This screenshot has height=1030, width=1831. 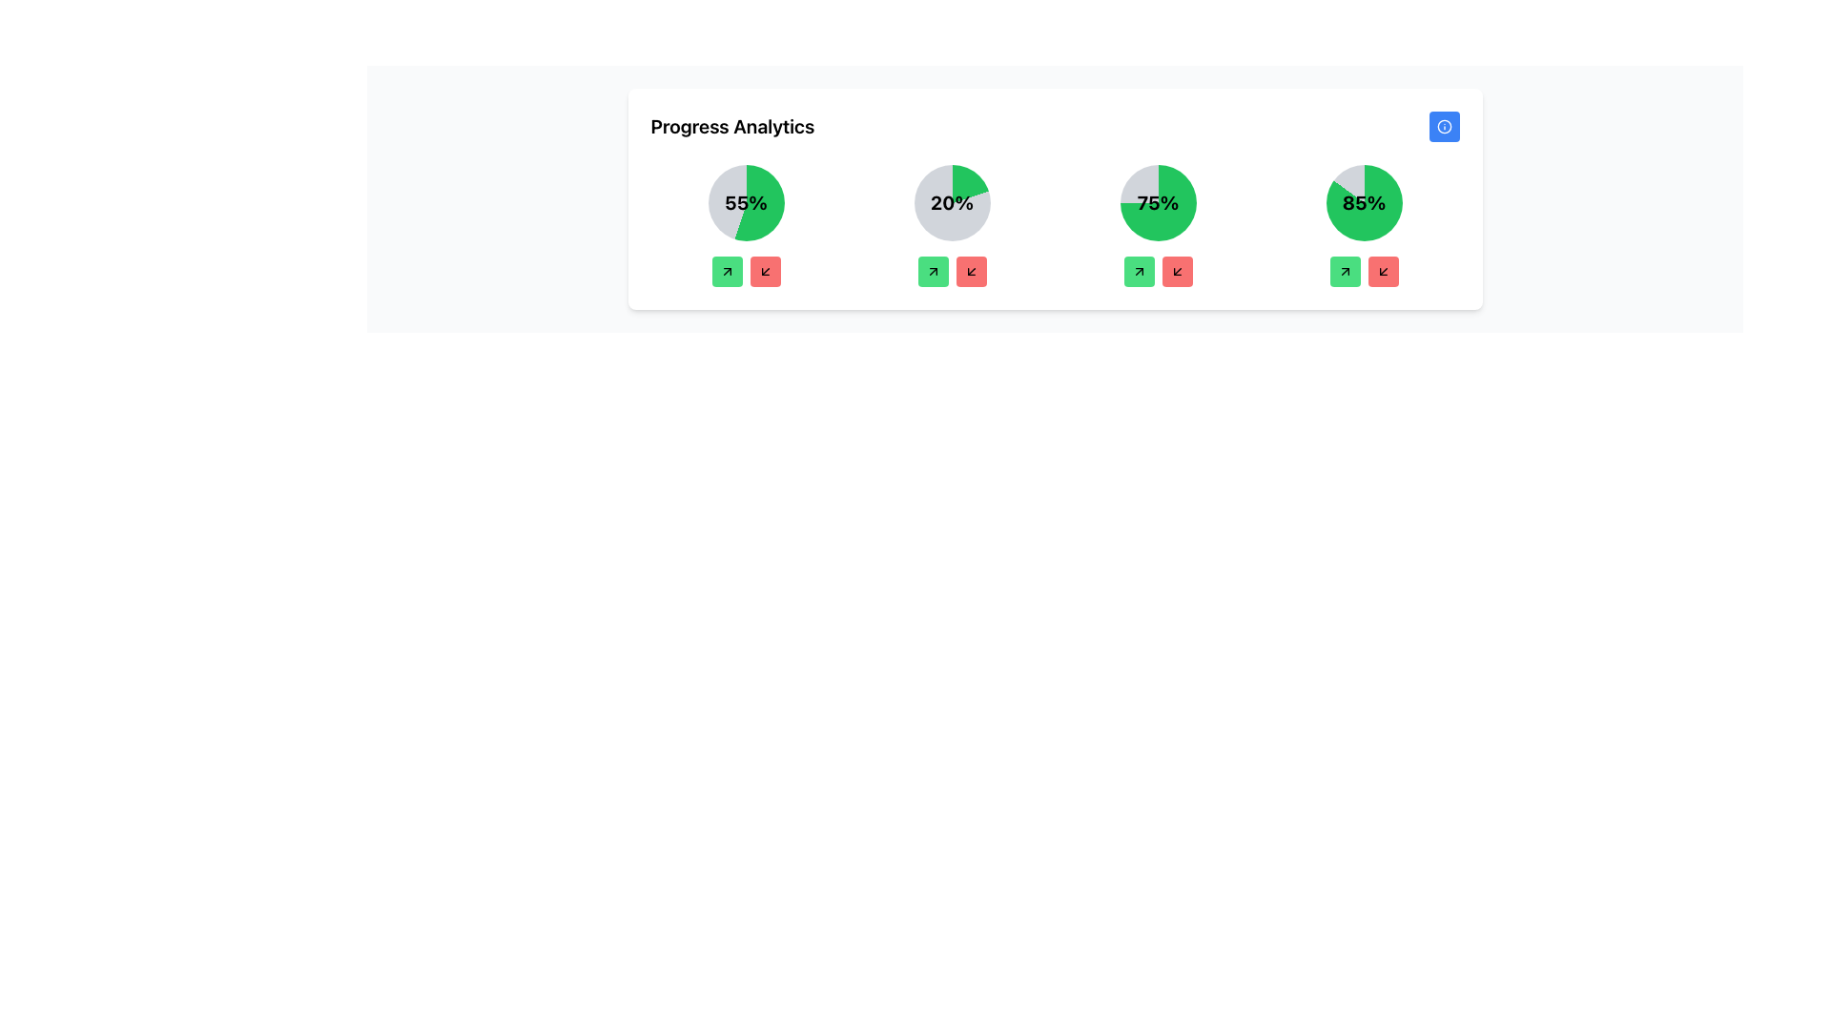 I want to click on the bold text element displaying '55%' in the first circular progress indicator within the 'Progress Analytics' section, so click(x=745, y=202).